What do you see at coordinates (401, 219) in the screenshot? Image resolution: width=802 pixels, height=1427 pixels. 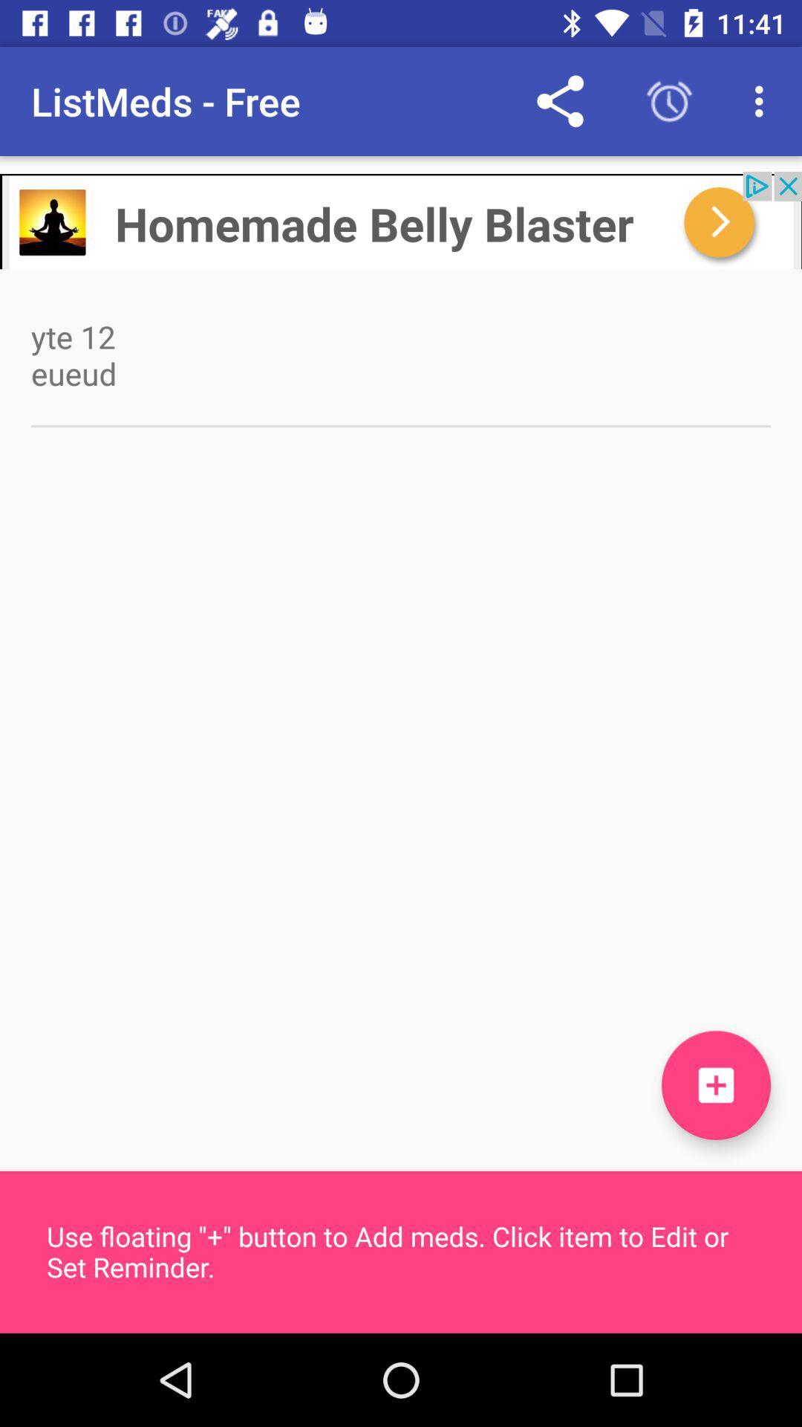 I see `the advertisement` at bounding box center [401, 219].